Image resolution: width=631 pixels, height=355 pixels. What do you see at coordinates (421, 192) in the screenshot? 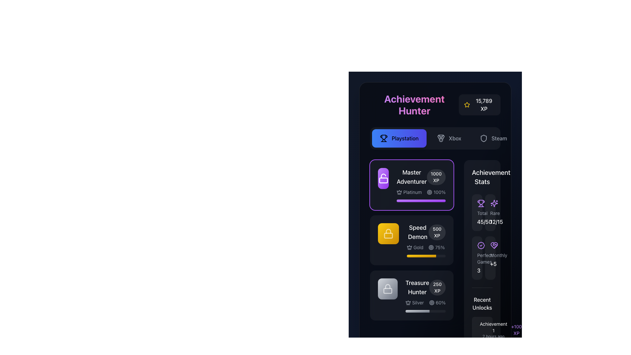
I see `the static display row containing the crown icon and text 'Platinum 100%' located in the lower section of the 'Master Adventurer' card` at bounding box center [421, 192].